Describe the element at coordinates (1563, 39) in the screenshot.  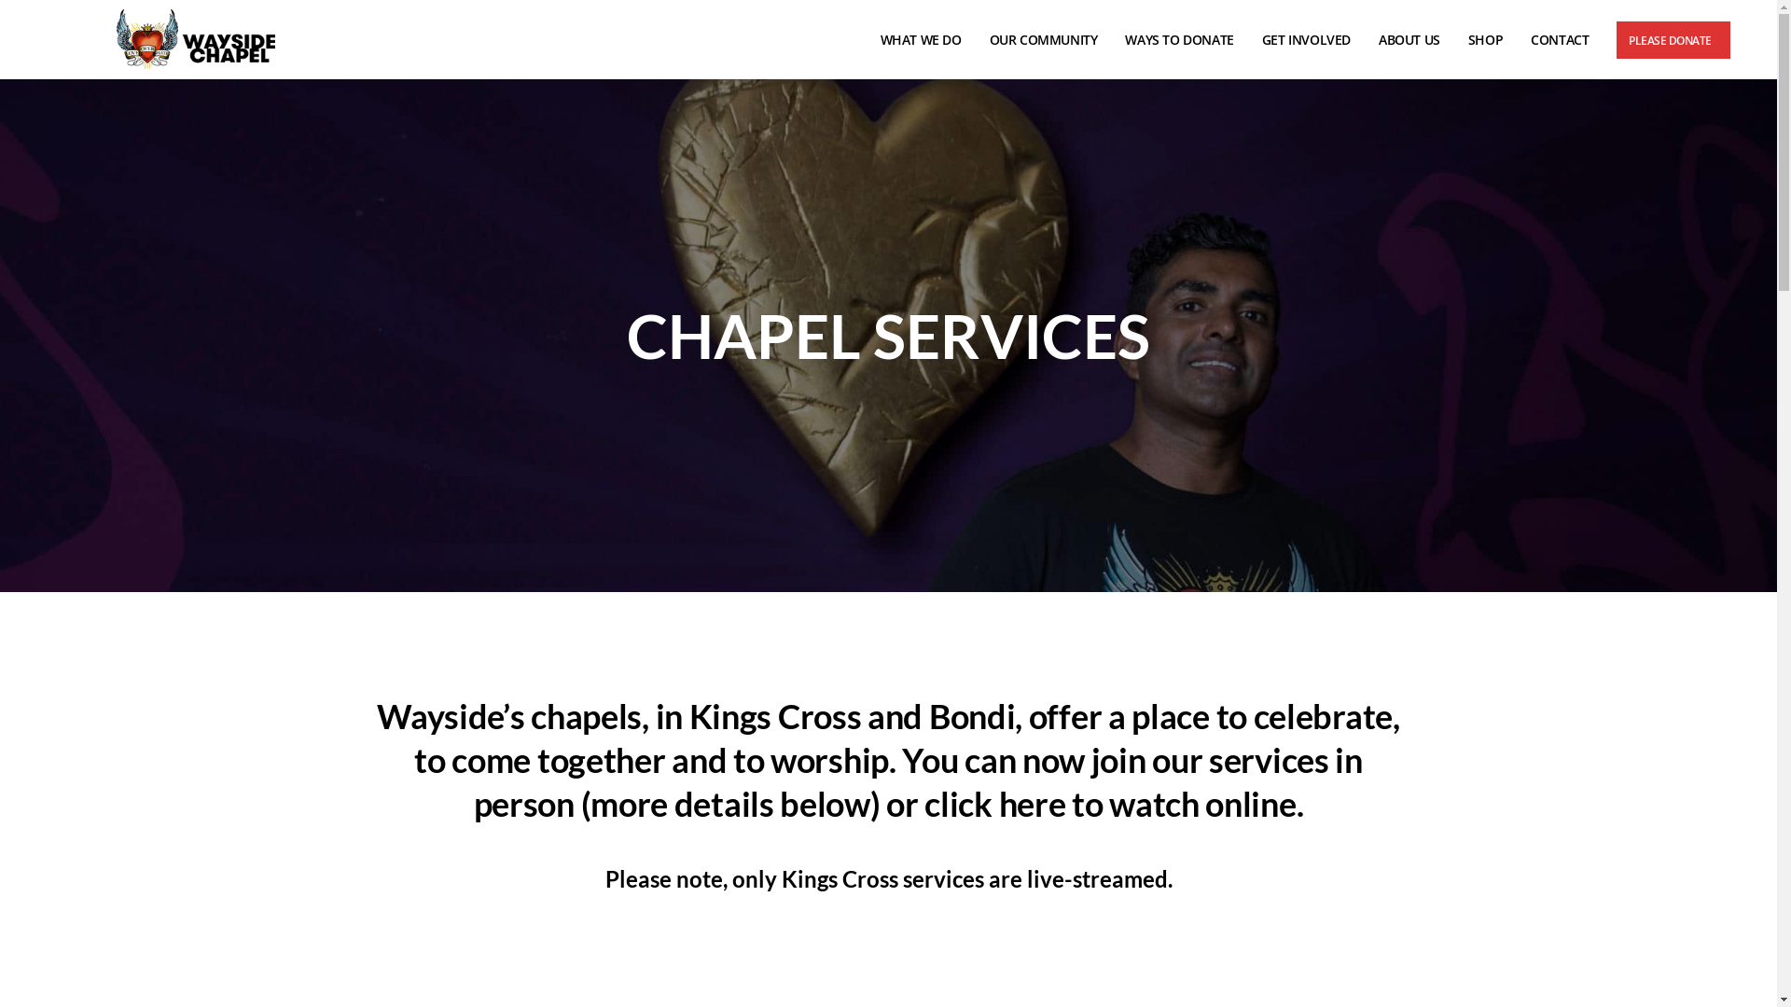
I see `'CONTACT'` at that location.